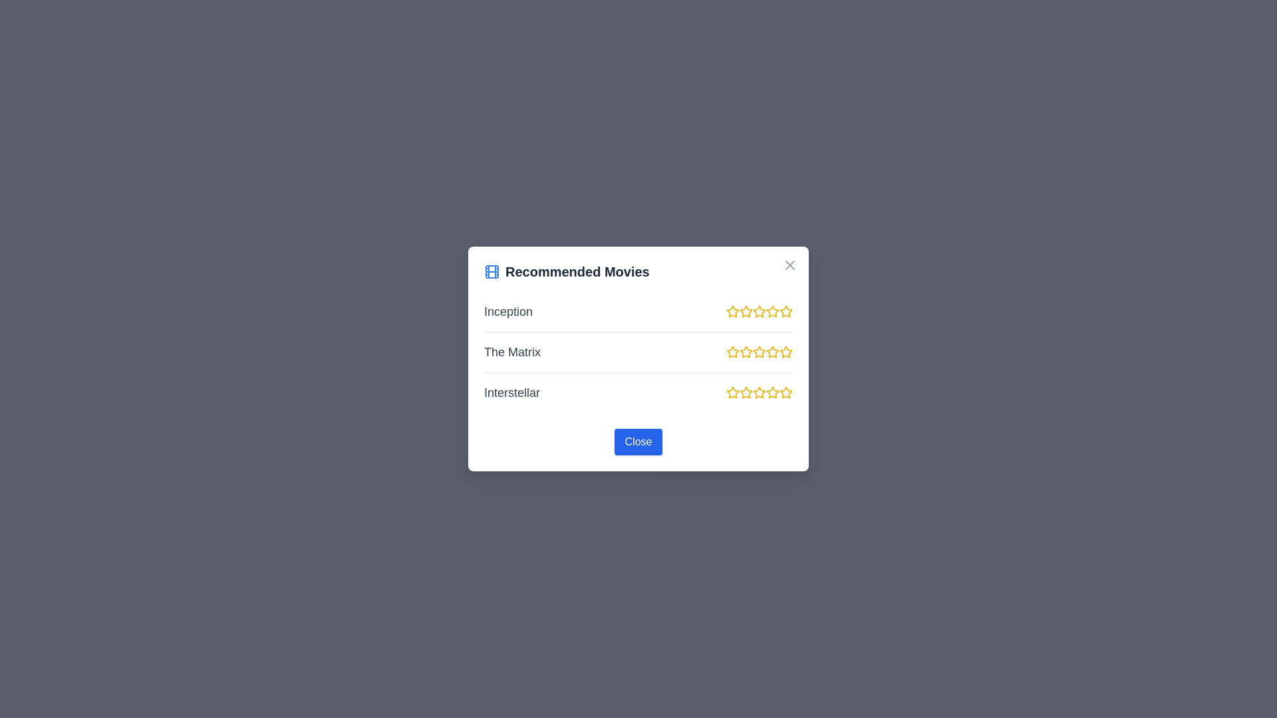 This screenshot has width=1277, height=718. I want to click on the close button in the top-right corner of the dialog, so click(790, 265).